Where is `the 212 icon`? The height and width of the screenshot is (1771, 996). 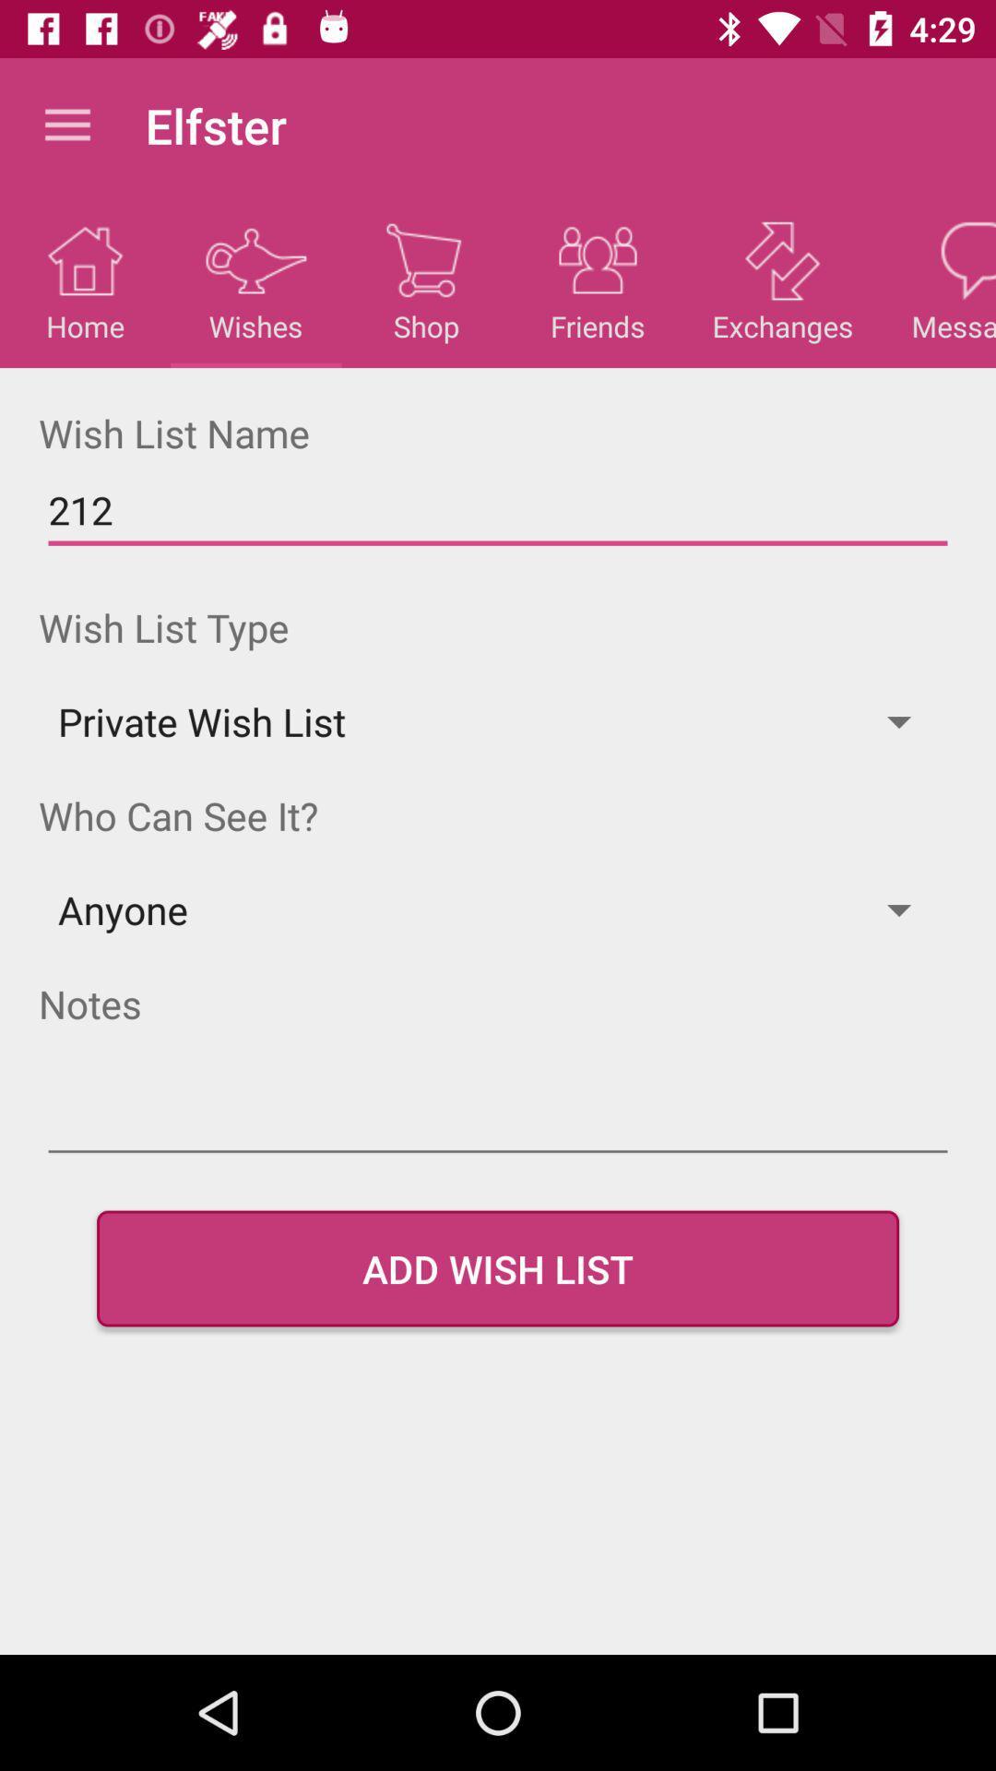 the 212 icon is located at coordinates (498, 510).